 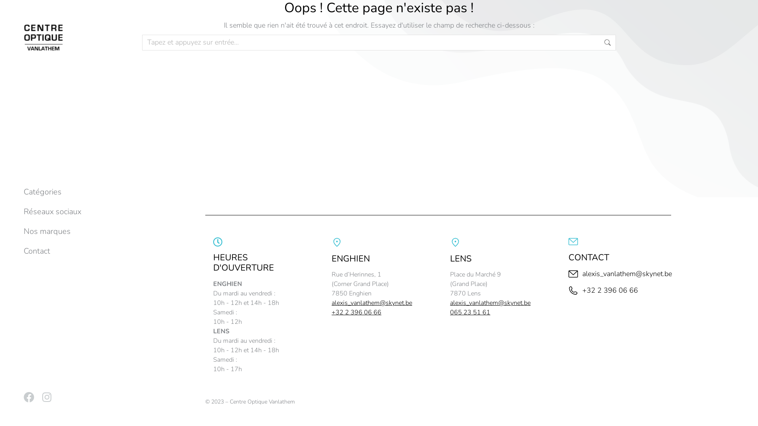 I want to click on '065 23 51 61', so click(x=470, y=312).